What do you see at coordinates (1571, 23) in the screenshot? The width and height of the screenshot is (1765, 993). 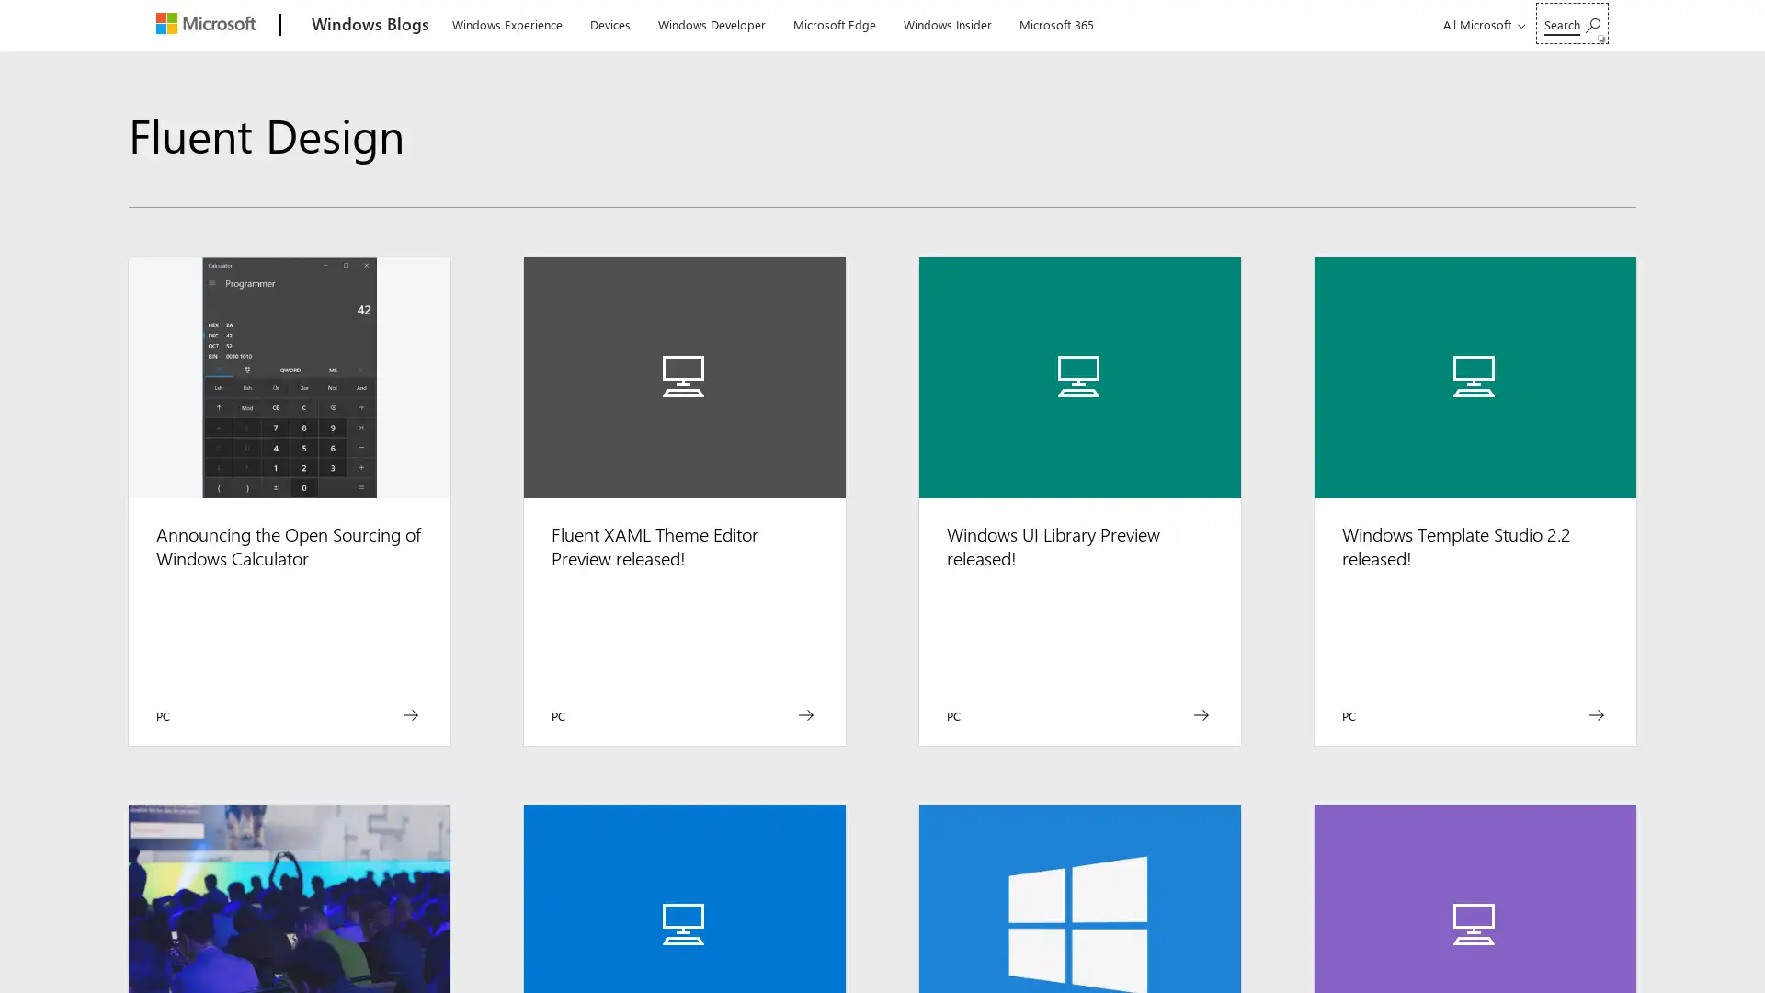 I see `Search` at bounding box center [1571, 23].